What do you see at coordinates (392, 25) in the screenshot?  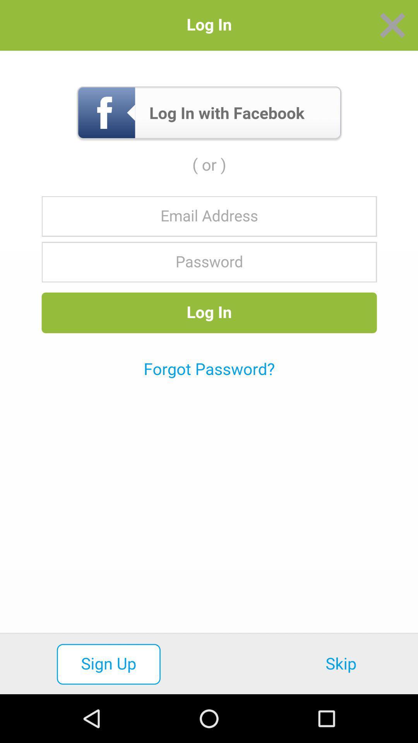 I see `tab` at bounding box center [392, 25].